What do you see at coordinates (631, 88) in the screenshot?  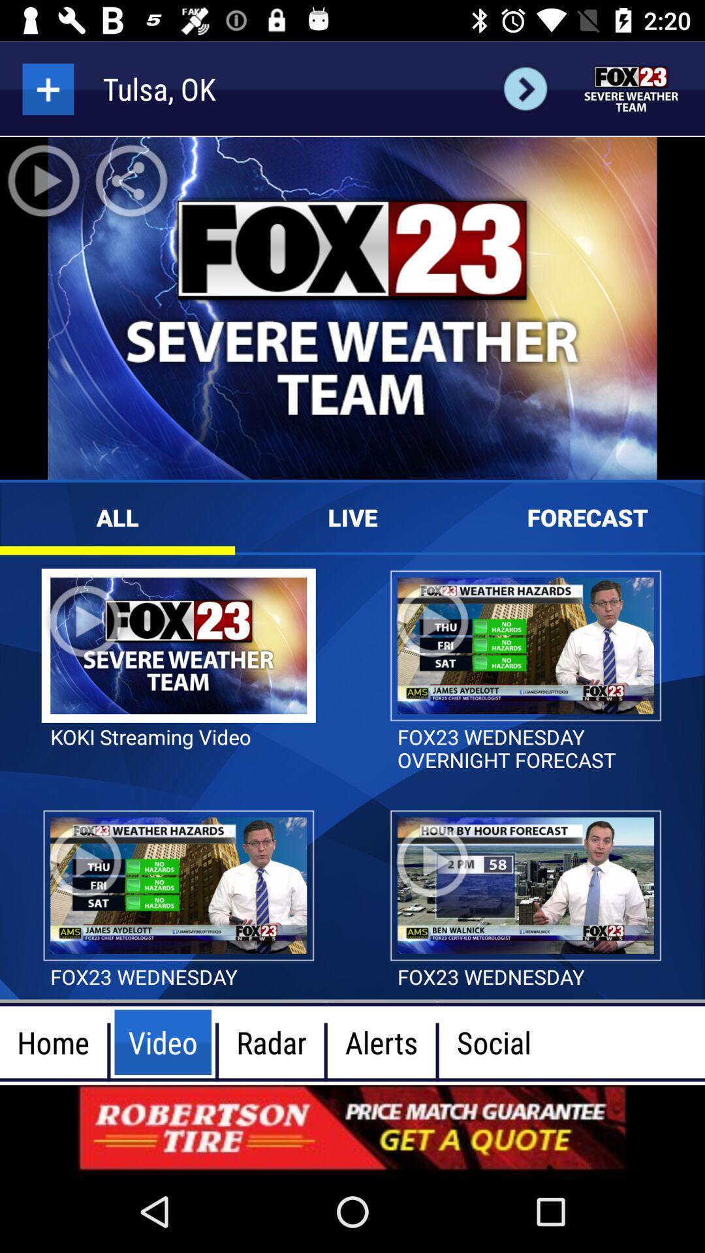 I see `home` at bounding box center [631, 88].